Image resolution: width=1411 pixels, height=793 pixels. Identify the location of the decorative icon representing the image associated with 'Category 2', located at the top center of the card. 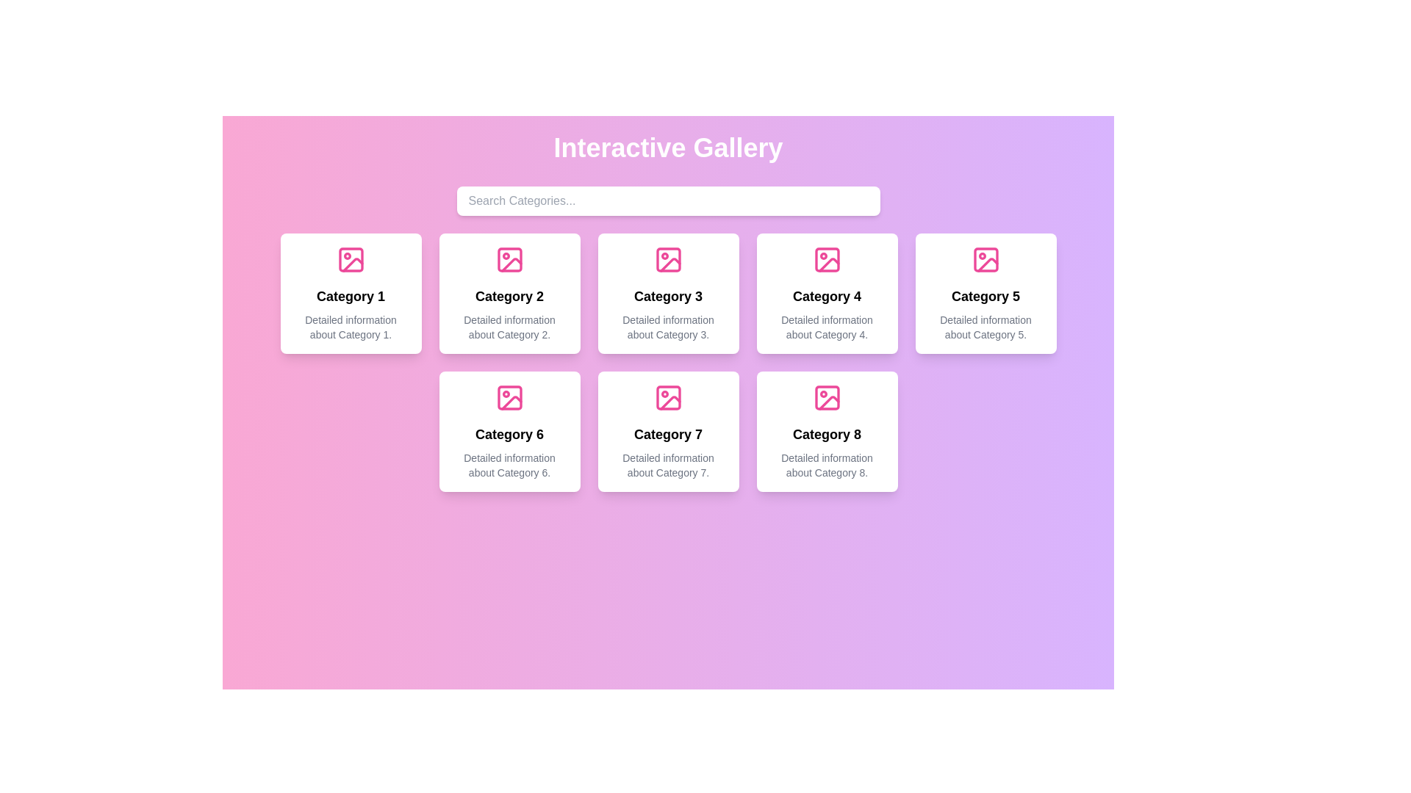
(509, 259).